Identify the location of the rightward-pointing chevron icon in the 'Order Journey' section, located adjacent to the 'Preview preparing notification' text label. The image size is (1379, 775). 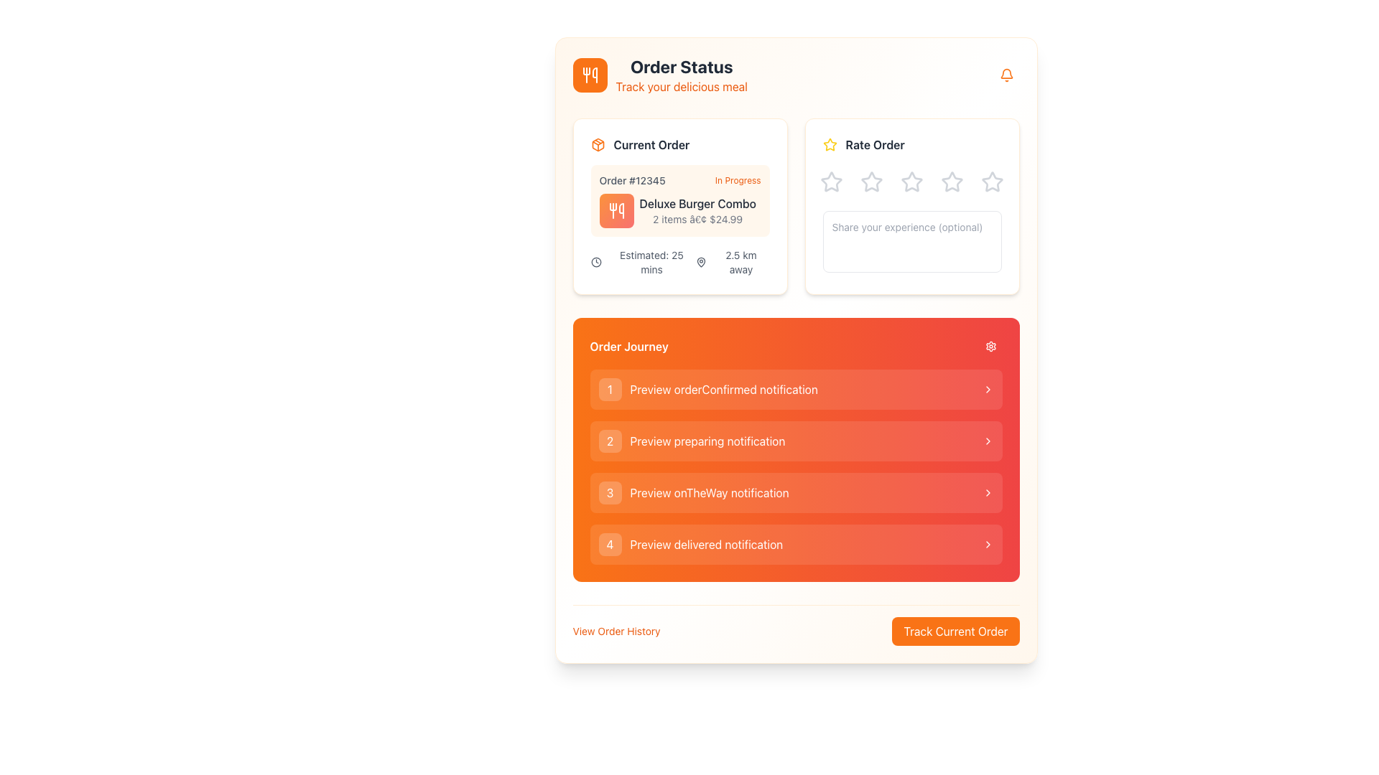
(987, 440).